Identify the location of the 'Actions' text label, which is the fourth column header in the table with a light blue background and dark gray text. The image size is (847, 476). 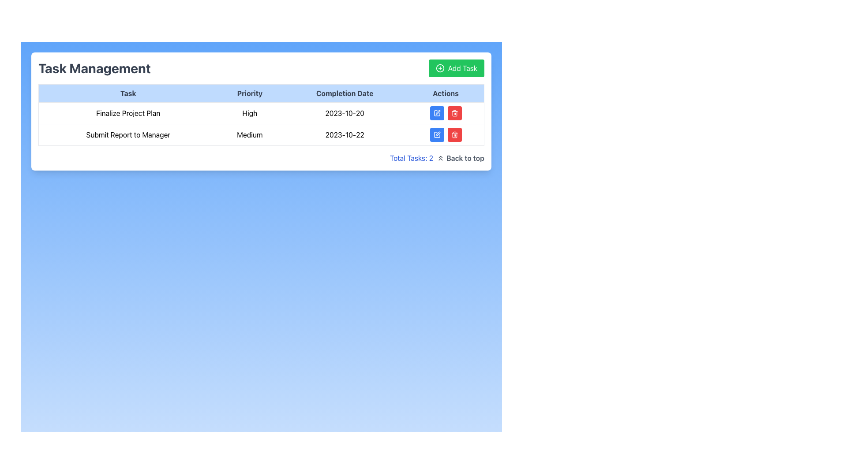
(446, 93).